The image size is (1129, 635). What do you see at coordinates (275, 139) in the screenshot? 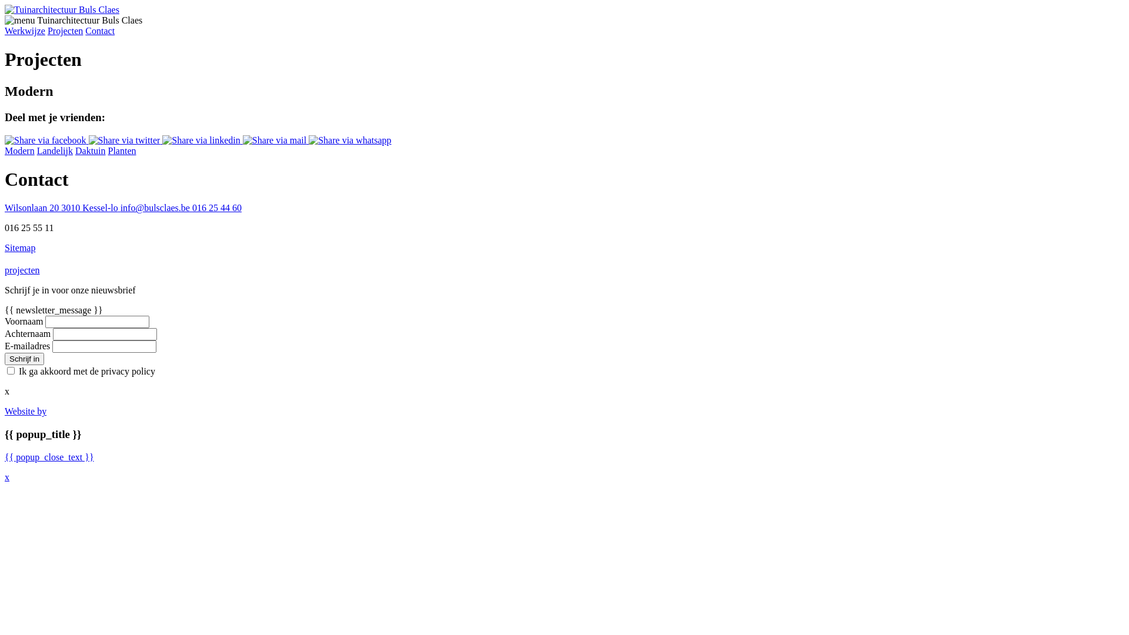
I see `'Share via mail'` at bounding box center [275, 139].